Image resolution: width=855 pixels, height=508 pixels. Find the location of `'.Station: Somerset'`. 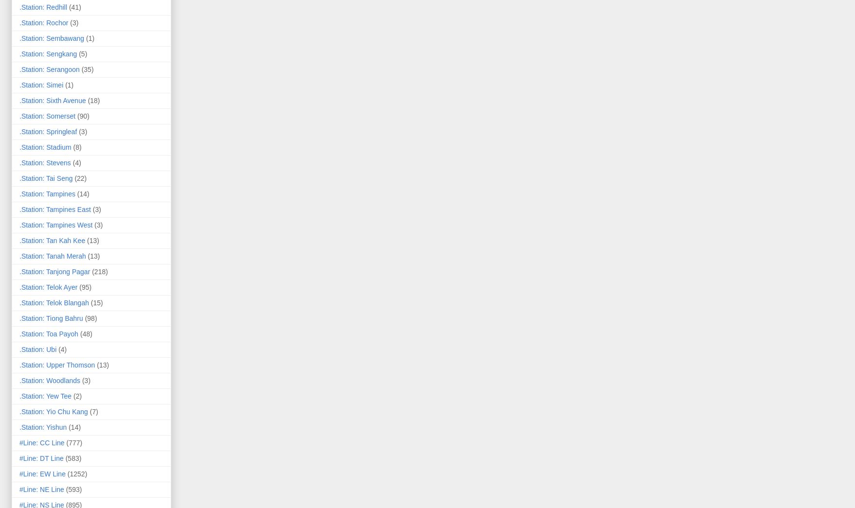

'.Station: Somerset' is located at coordinates (47, 115).